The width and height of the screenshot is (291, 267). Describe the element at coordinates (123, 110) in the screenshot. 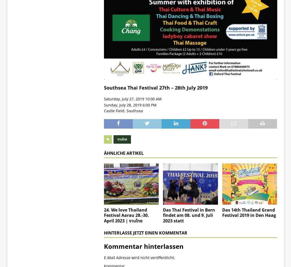

I see `'Castle Field, Southsea'` at that location.